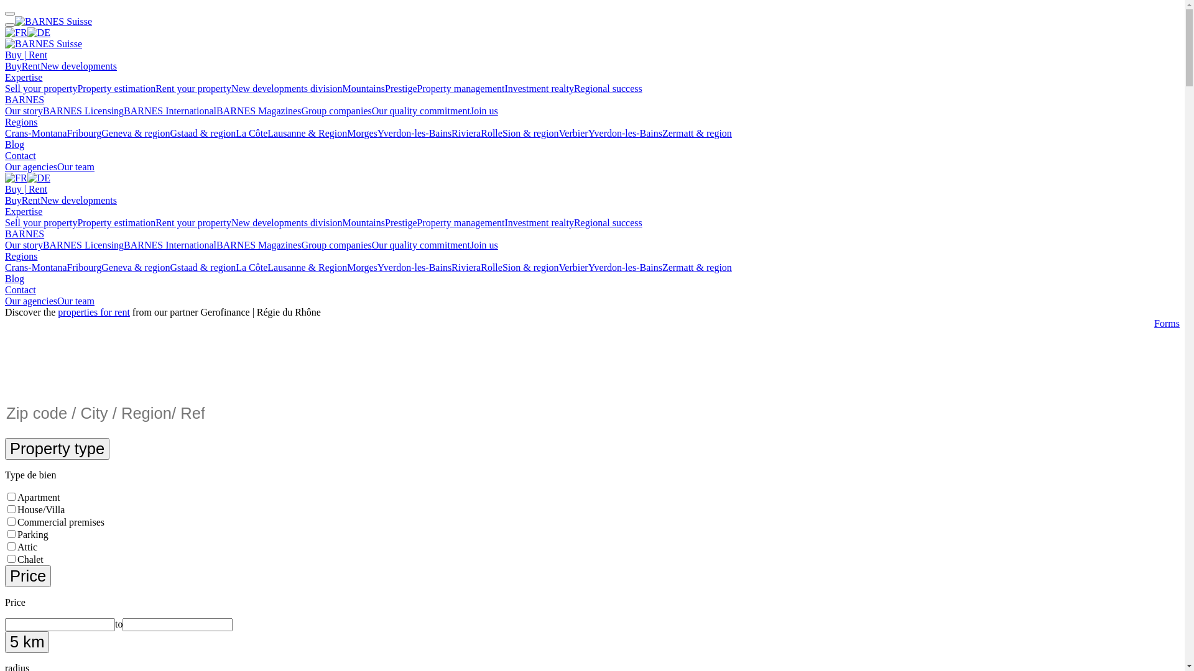  I want to click on 'Our team', so click(75, 166).